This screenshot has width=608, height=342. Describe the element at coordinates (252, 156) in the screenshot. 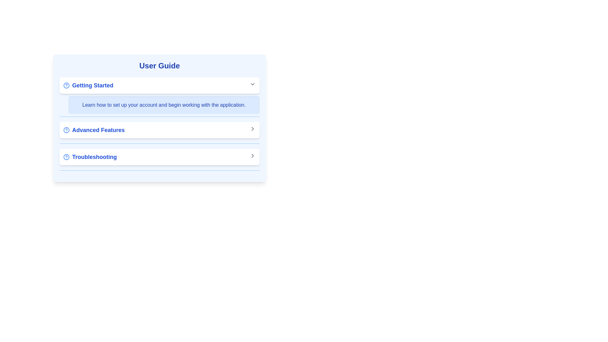

I see `the right-pointing arrow icon associated with the 'Troubleshooting' section` at that location.